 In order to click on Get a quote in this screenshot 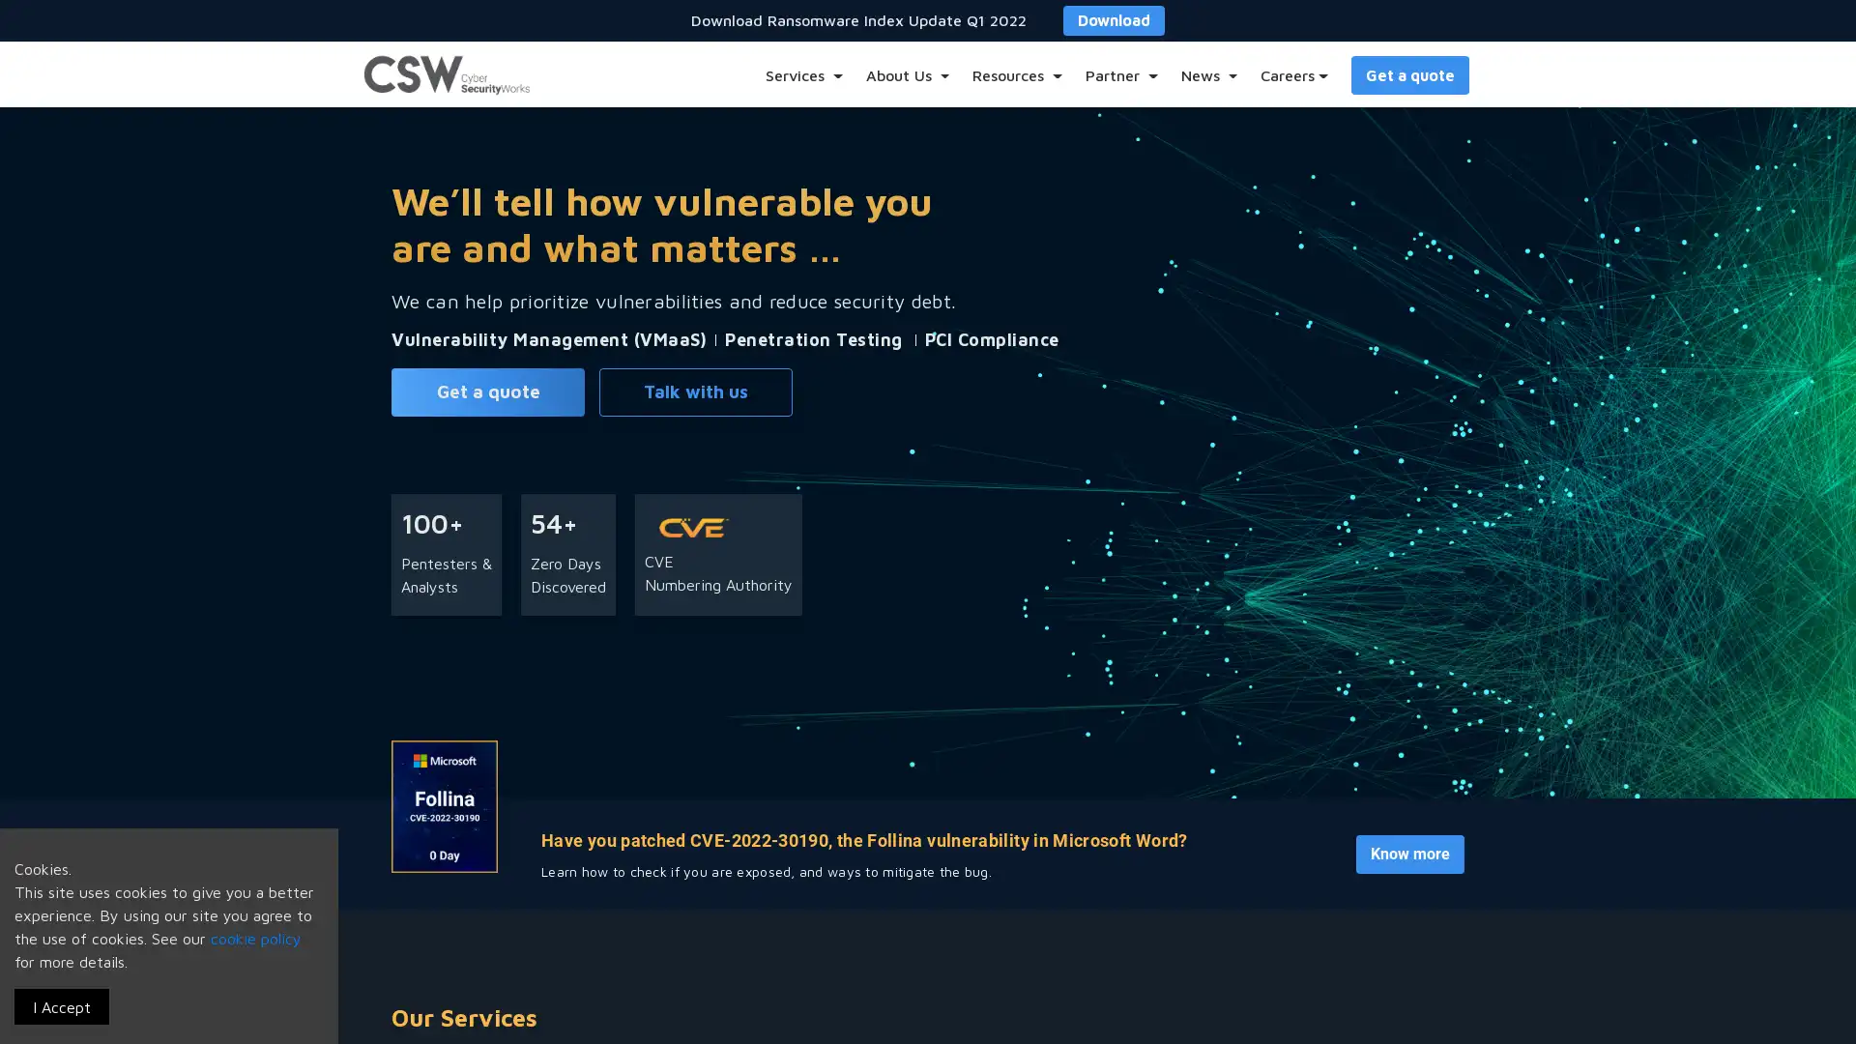, I will do `click(487, 391)`.